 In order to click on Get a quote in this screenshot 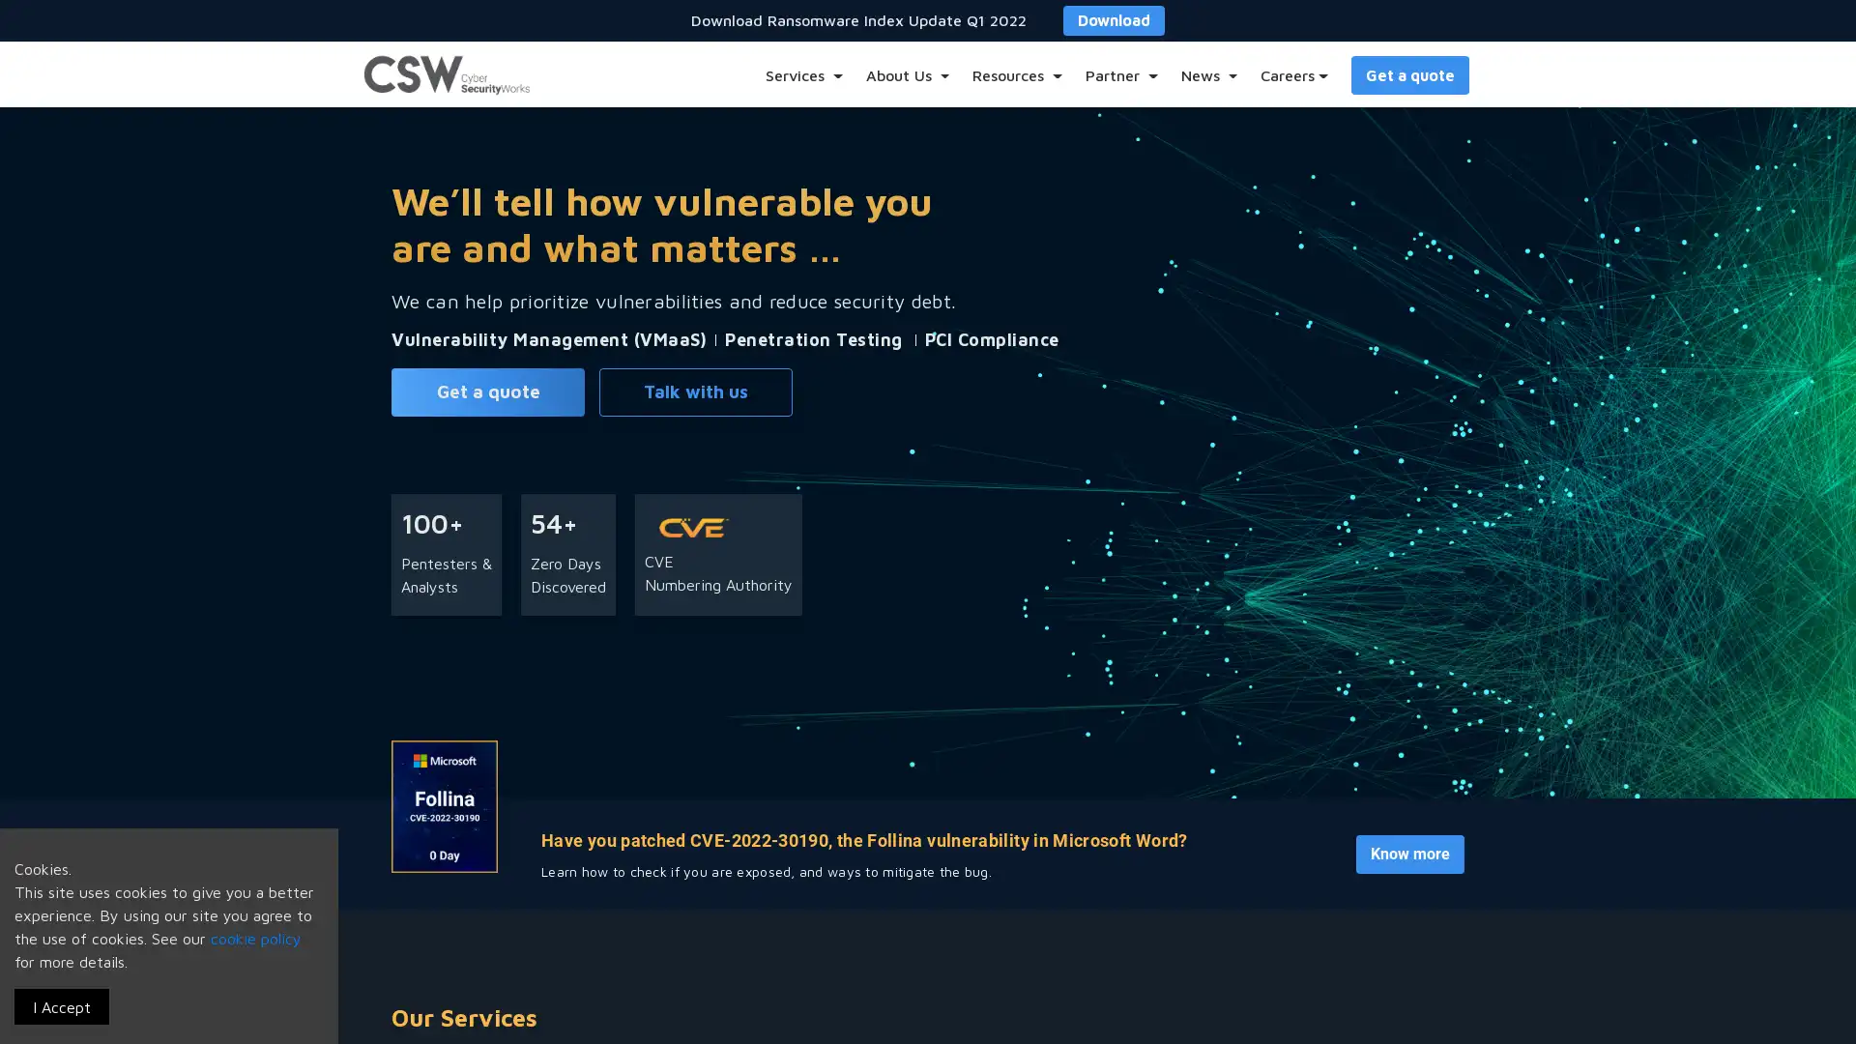, I will do `click(487, 391)`.